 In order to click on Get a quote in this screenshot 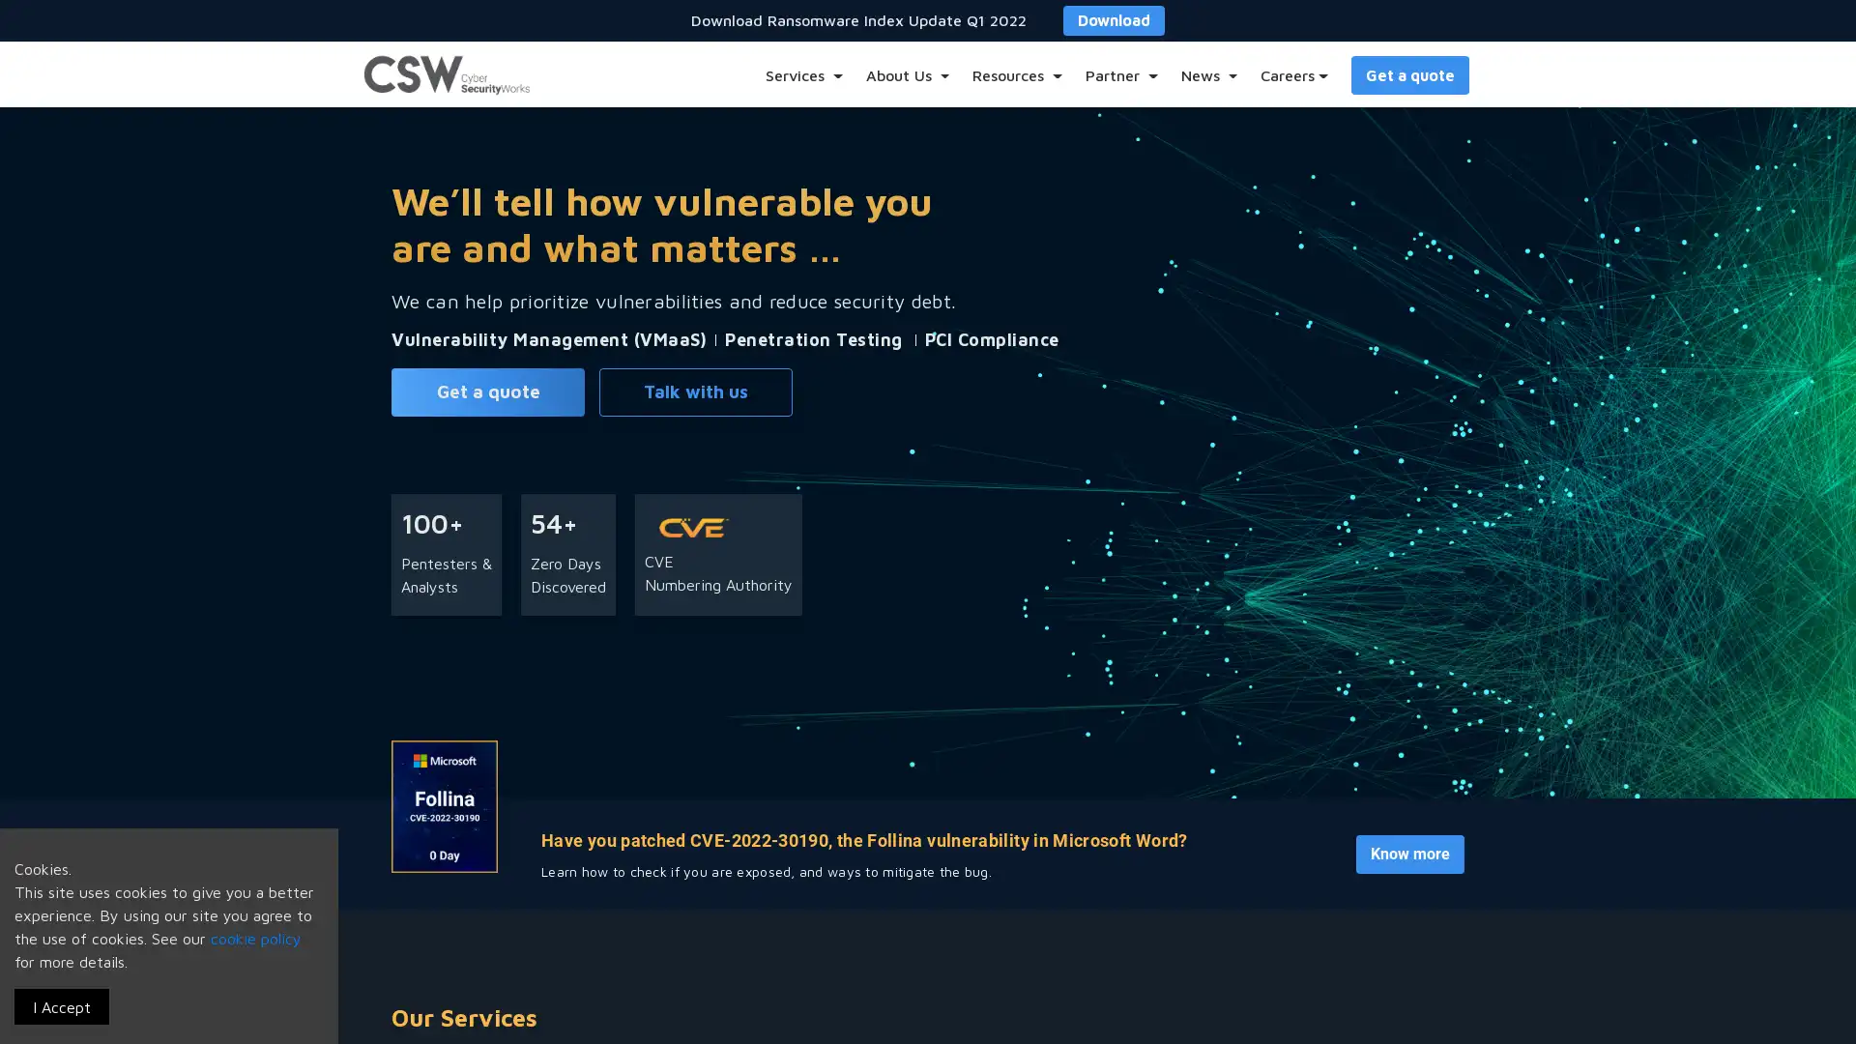, I will do `click(487, 391)`.